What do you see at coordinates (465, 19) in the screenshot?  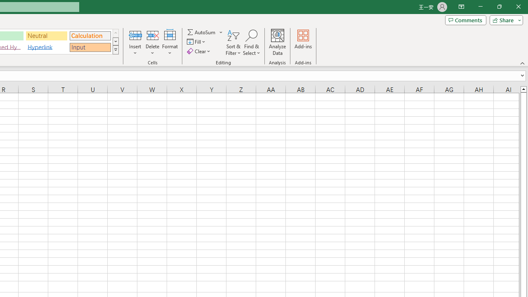 I see `'Comments'` at bounding box center [465, 19].